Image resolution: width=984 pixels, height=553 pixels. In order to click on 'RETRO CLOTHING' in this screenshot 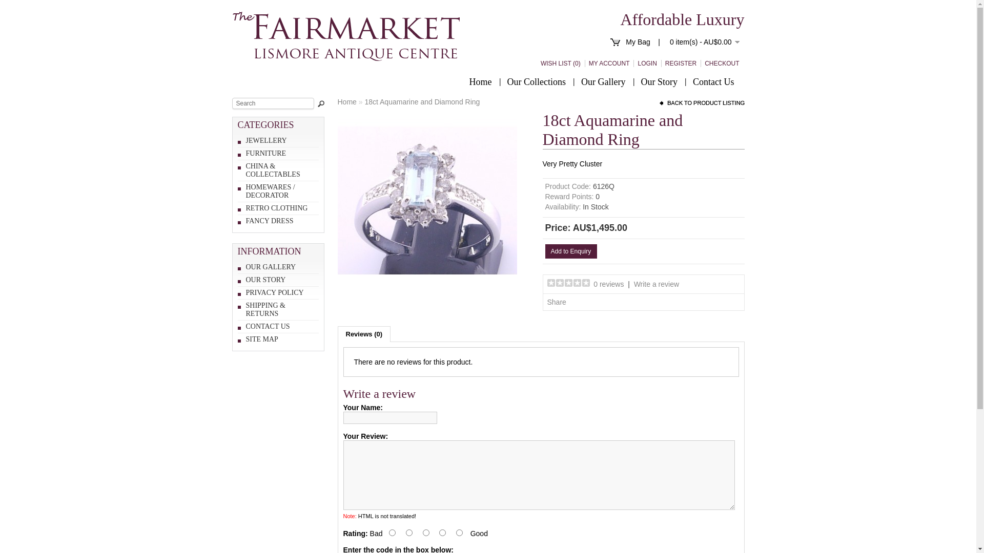, I will do `click(277, 207)`.